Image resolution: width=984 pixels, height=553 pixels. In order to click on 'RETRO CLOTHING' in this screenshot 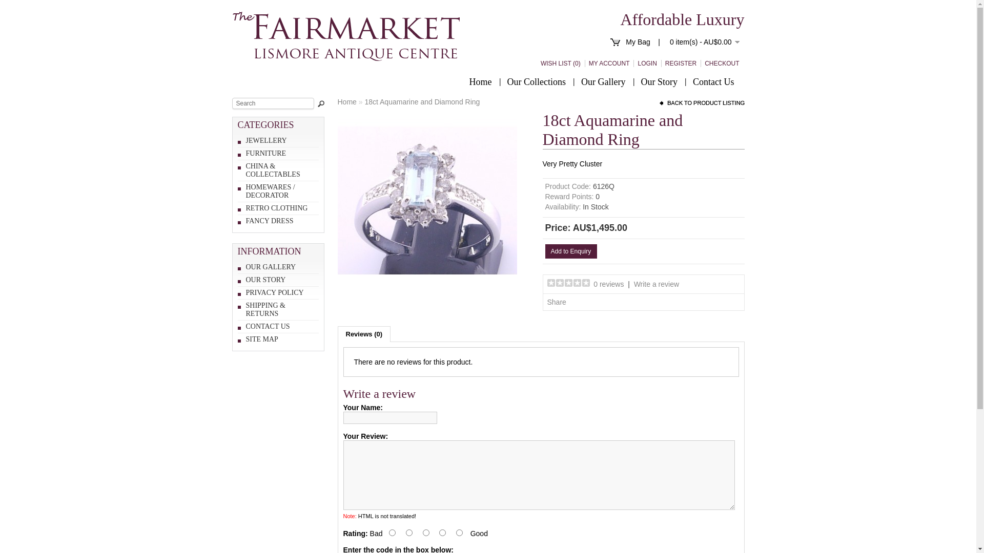, I will do `click(277, 207)`.